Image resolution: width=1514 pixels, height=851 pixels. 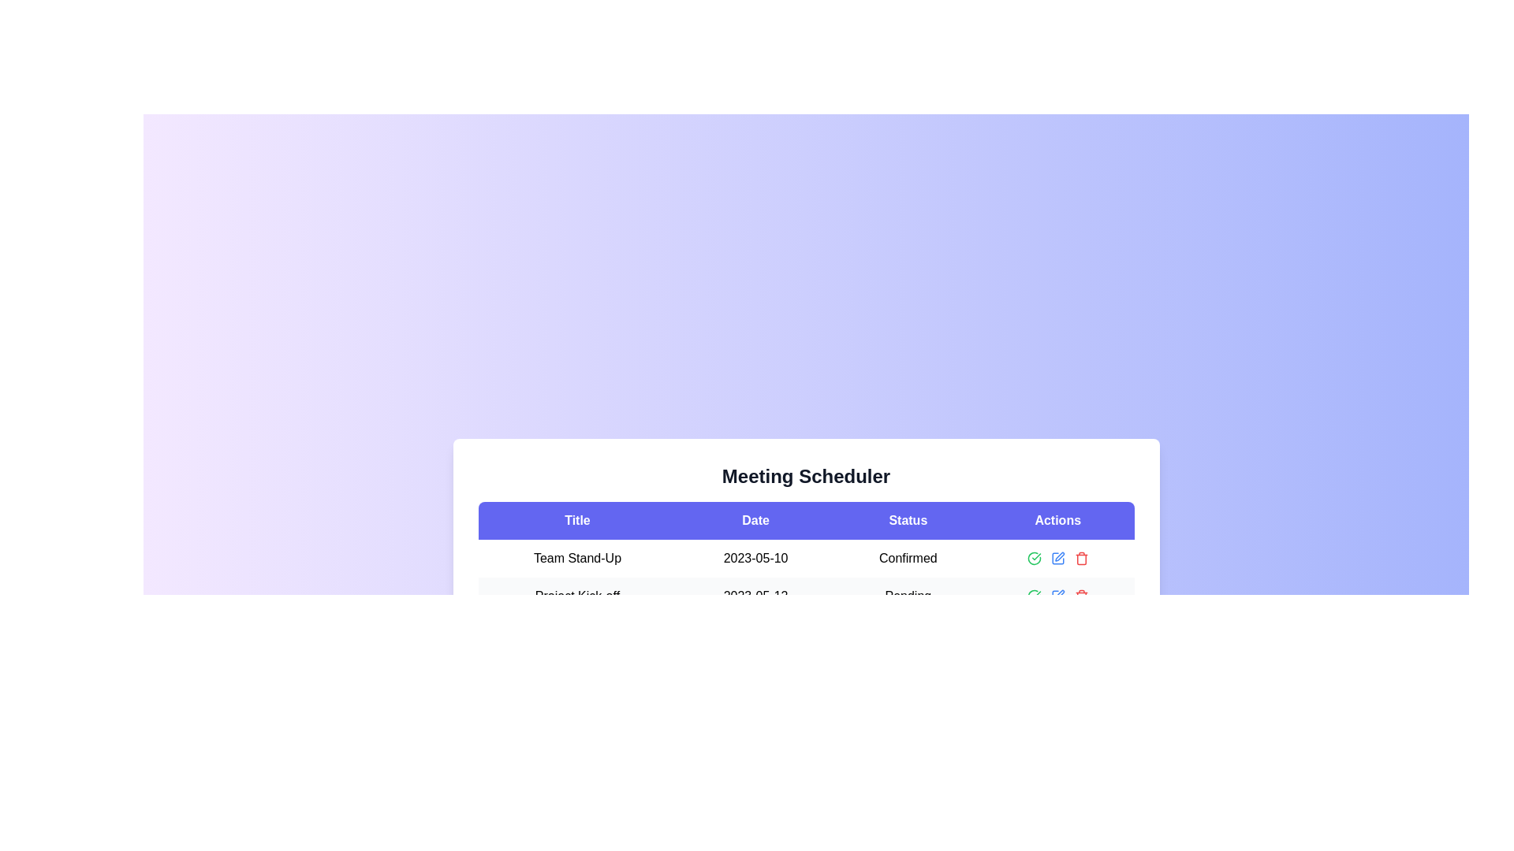 What do you see at coordinates (576, 558) in the screenshot?
I see `the static text label displaying 'Team Stand-Up', which is located in the first column of a table row under the 'Title' section` at bounding box center [576, 558].